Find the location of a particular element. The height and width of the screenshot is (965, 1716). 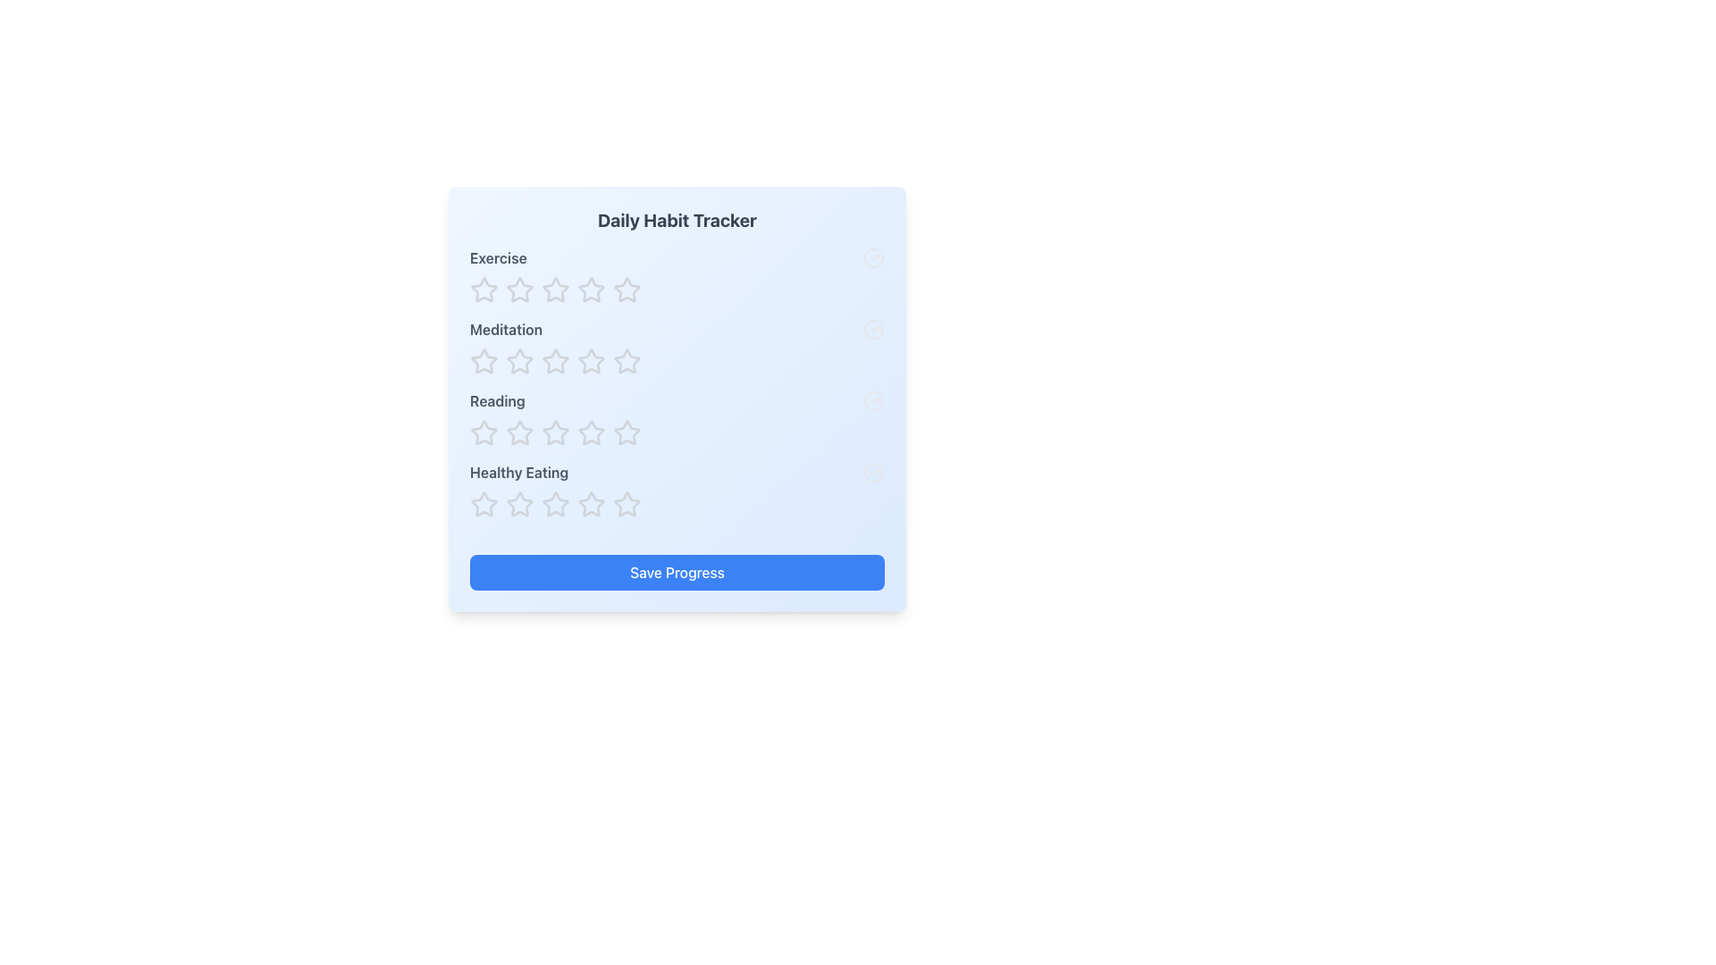

the star-shaped icon located under the 'Healthy Eating' label in the 'Daily Habit Tracker' module to rate is located at coordinates (484, 504).